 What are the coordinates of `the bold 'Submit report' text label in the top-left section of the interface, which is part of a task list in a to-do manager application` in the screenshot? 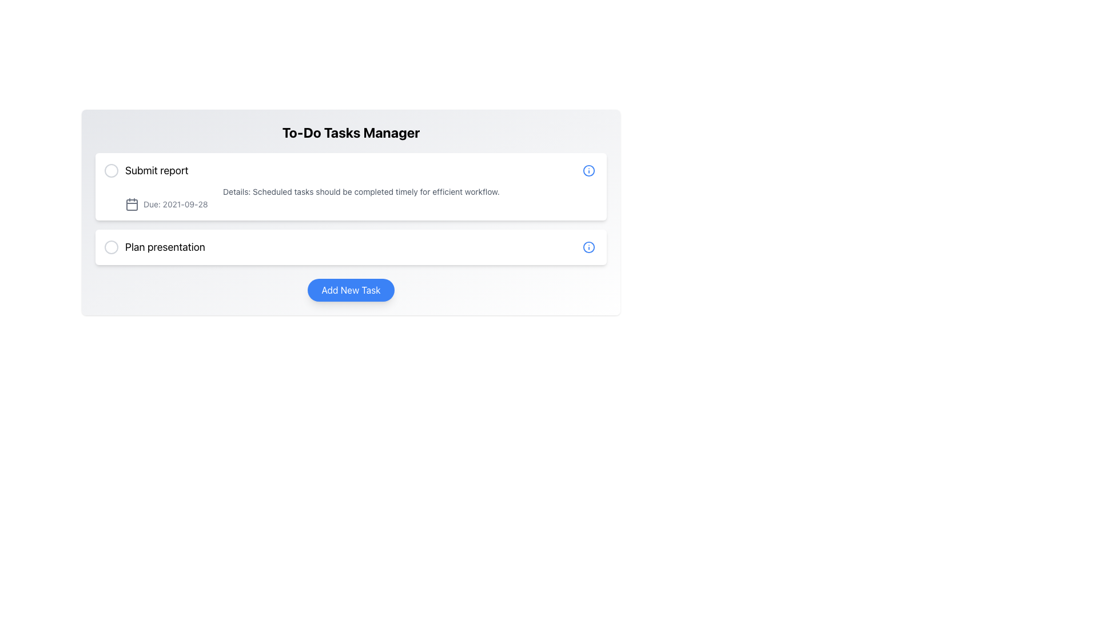 It's located at (156, 171).